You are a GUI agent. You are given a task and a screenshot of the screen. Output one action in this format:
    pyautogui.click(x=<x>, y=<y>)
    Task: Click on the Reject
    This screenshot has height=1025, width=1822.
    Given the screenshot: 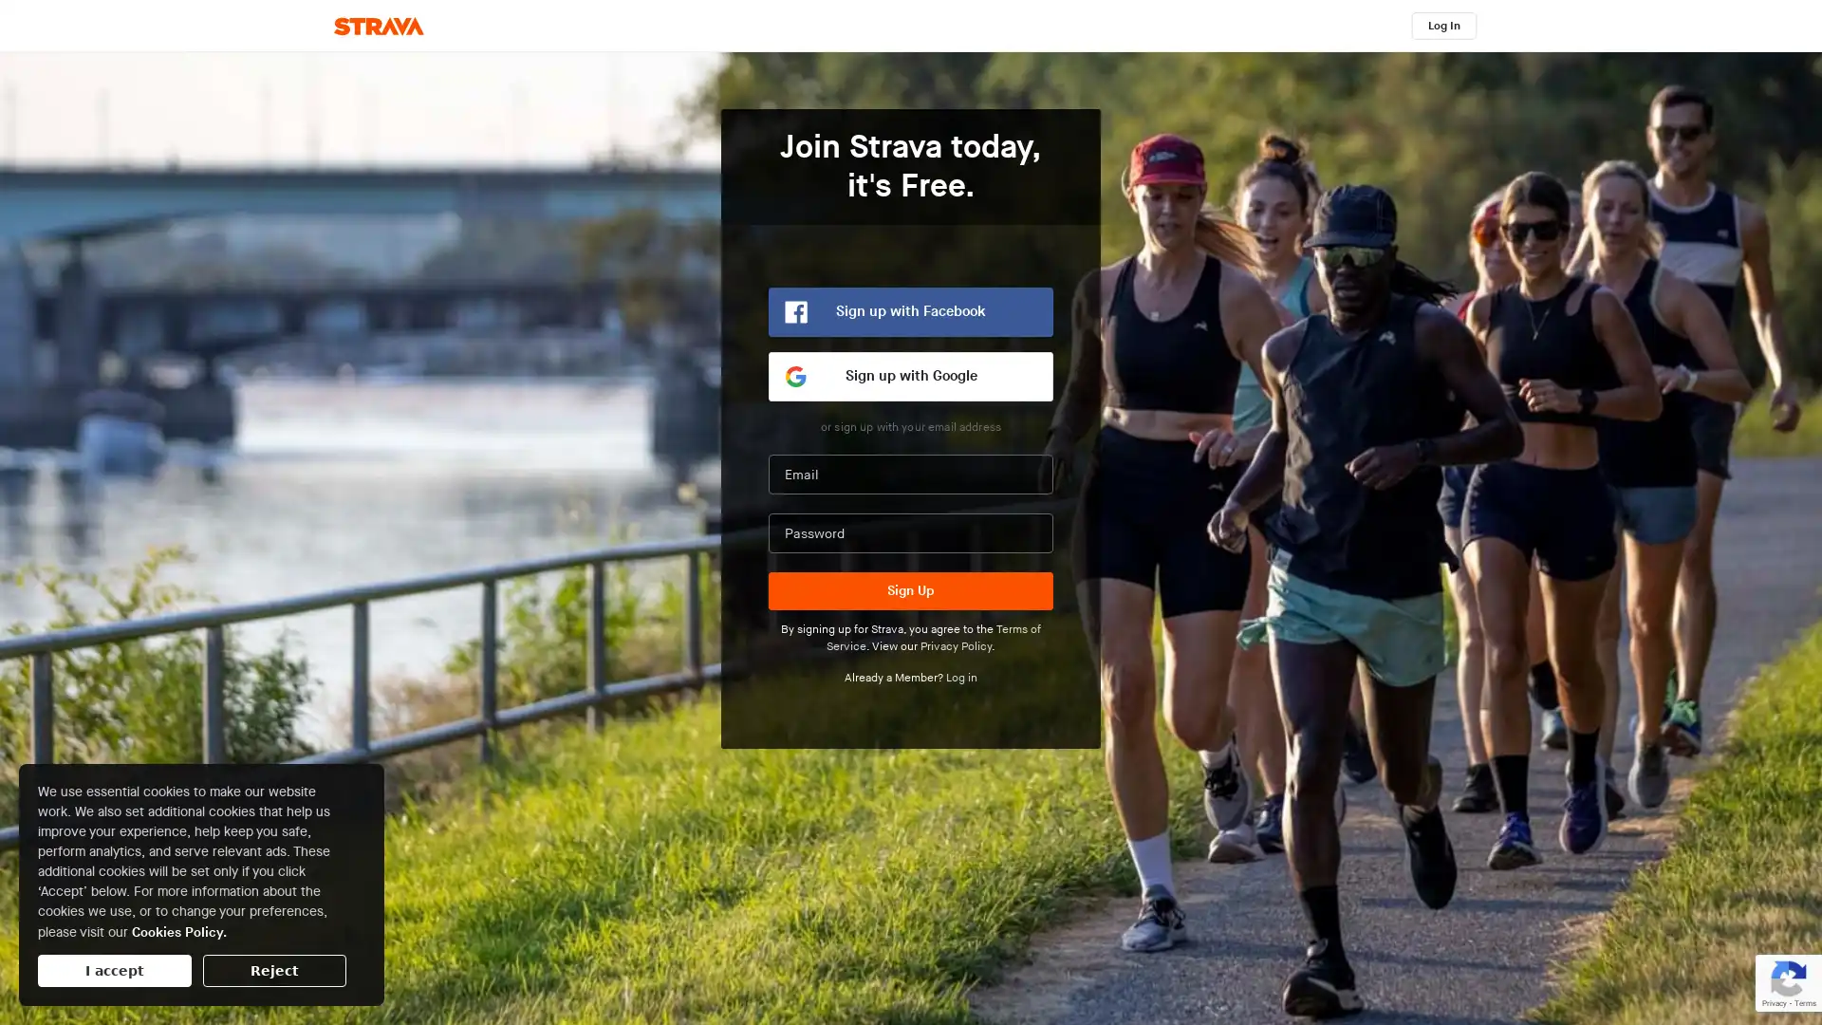 What is the action you would take?
    pyautogui.click(x=273, y=970)
    